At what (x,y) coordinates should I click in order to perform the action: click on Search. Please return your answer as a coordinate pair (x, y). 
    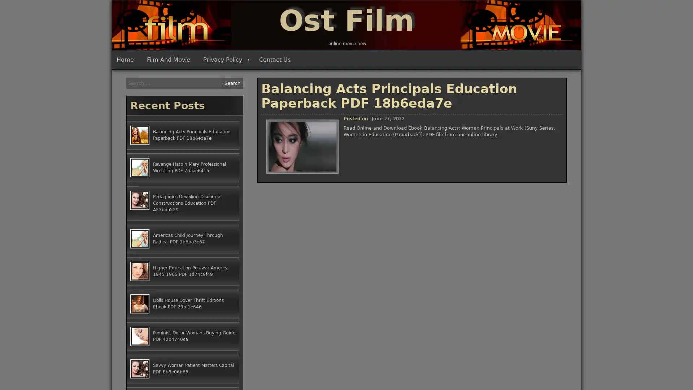
    Looking at the image, I should click on (232, 83).